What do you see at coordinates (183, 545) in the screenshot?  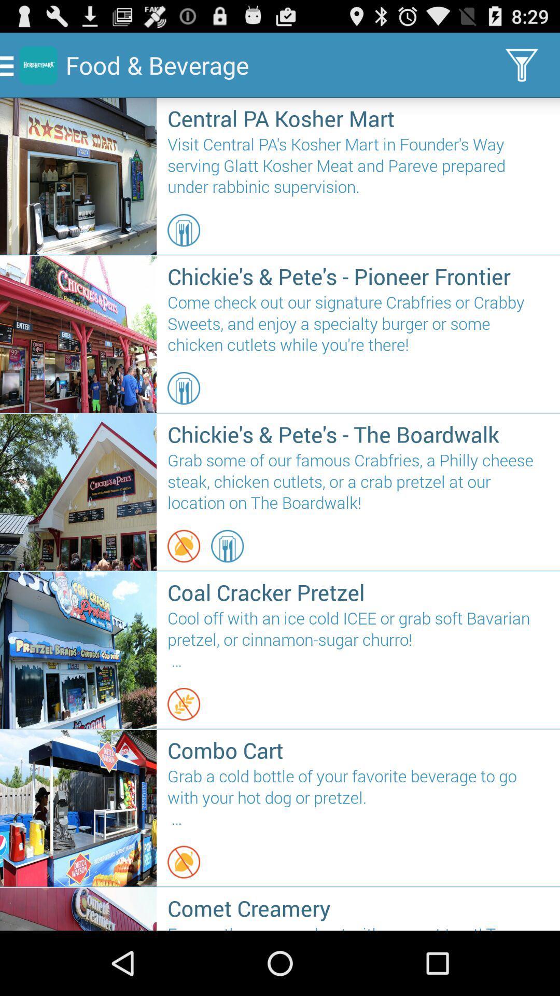 I see `item above coal cracker pretzel item` at bounding box center [183, 545].